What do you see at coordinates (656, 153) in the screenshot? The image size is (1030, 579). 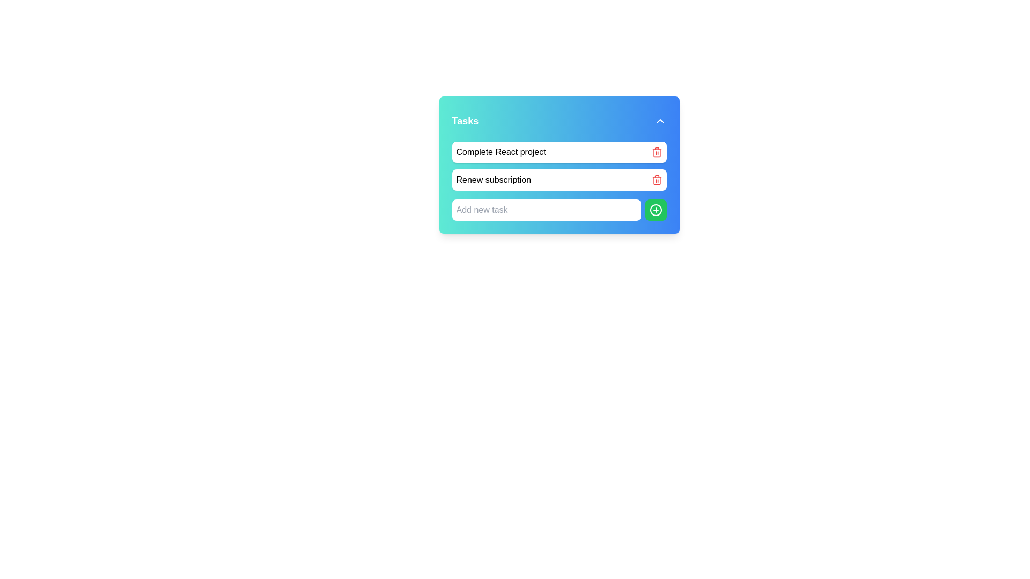 I see `the Trash bin outline icon, which serves as a visual cue for deleting items, located to the right of the input field labeled 'Complete React project'` at bounding box center [656, 153].